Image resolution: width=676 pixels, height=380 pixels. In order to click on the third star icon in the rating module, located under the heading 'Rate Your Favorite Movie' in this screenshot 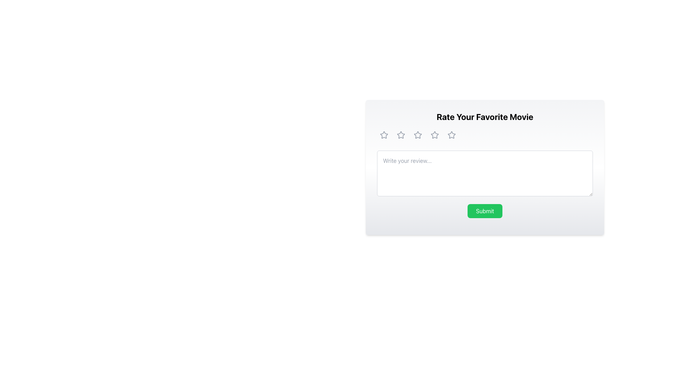, I will do `click(434, 135)`.